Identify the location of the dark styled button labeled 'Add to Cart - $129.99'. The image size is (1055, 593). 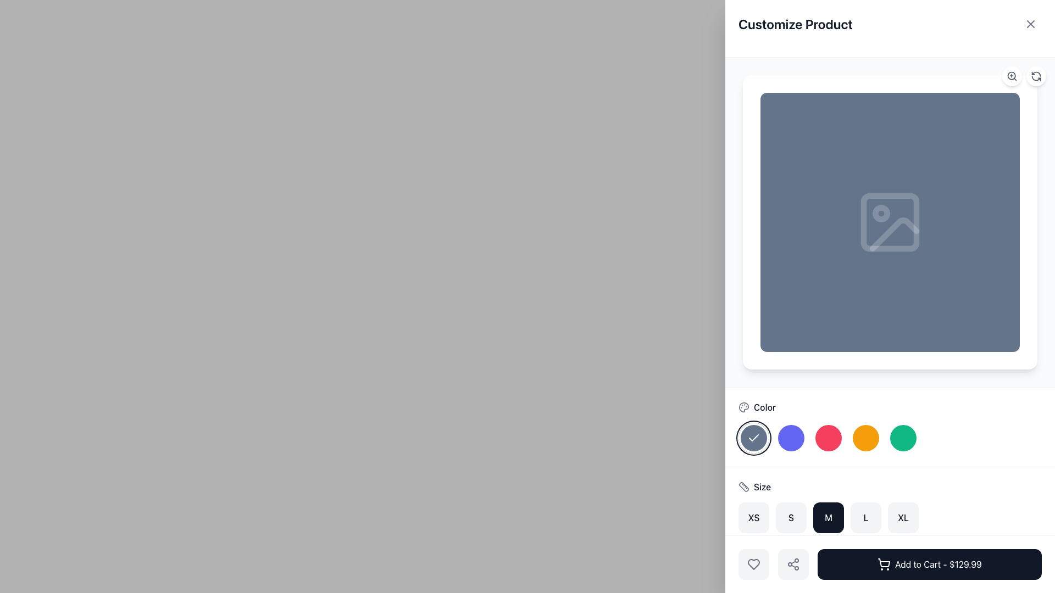
(890, 564).